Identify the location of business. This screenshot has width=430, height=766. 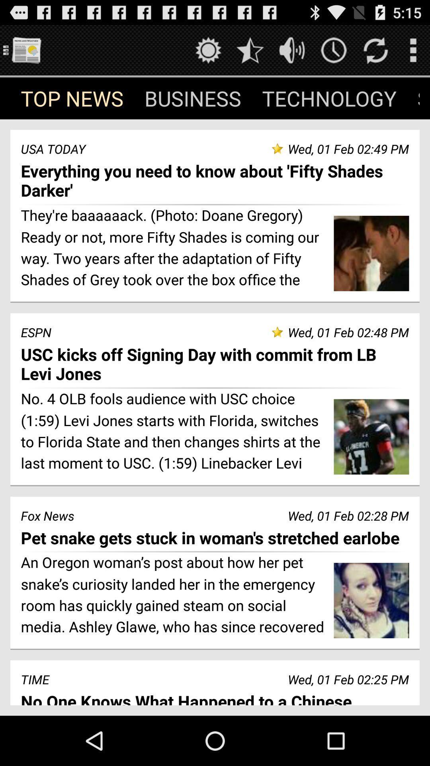
(193, 98).